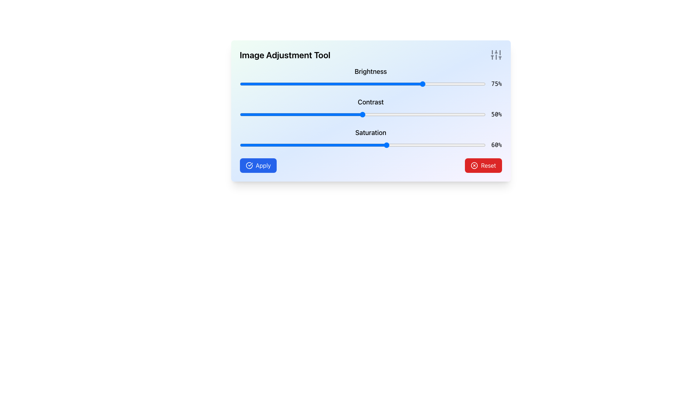  Describe the element at coordinates (488, 166) in the screenshot. I see `the text label within the red button located at the bottom-right corner of the interface, which indicates the function to reset settings or data` at that location.